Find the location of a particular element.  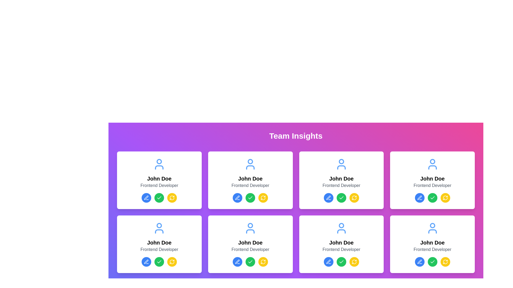

the confirmation icon button located in the profile card layout, specifically situated in the second row, first column, between the blue pencil icon and the yellow circular arrow icon is located at coordinates (159, 198).